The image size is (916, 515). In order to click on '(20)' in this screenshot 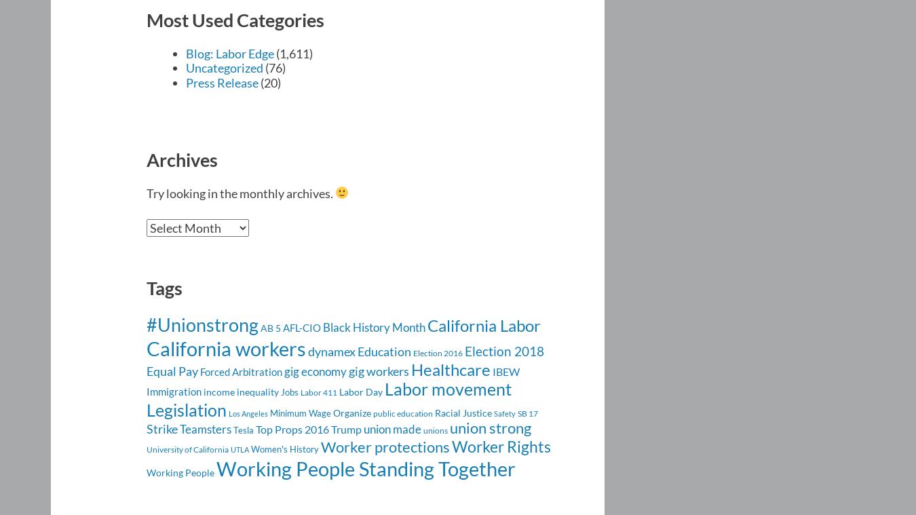, I will do `click(269, 81)`.